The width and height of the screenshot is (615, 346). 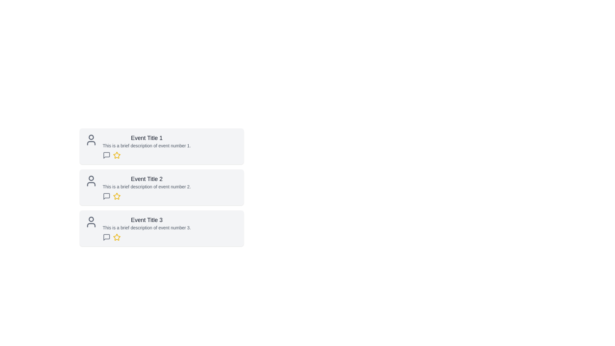 What do you see at coordinates (91, 184) in the screenshot?
I see `the user avatar icon component located beneath its circular head section, positioned to the left of the 'Event Title 2' text` at bounding box center [91, 184].